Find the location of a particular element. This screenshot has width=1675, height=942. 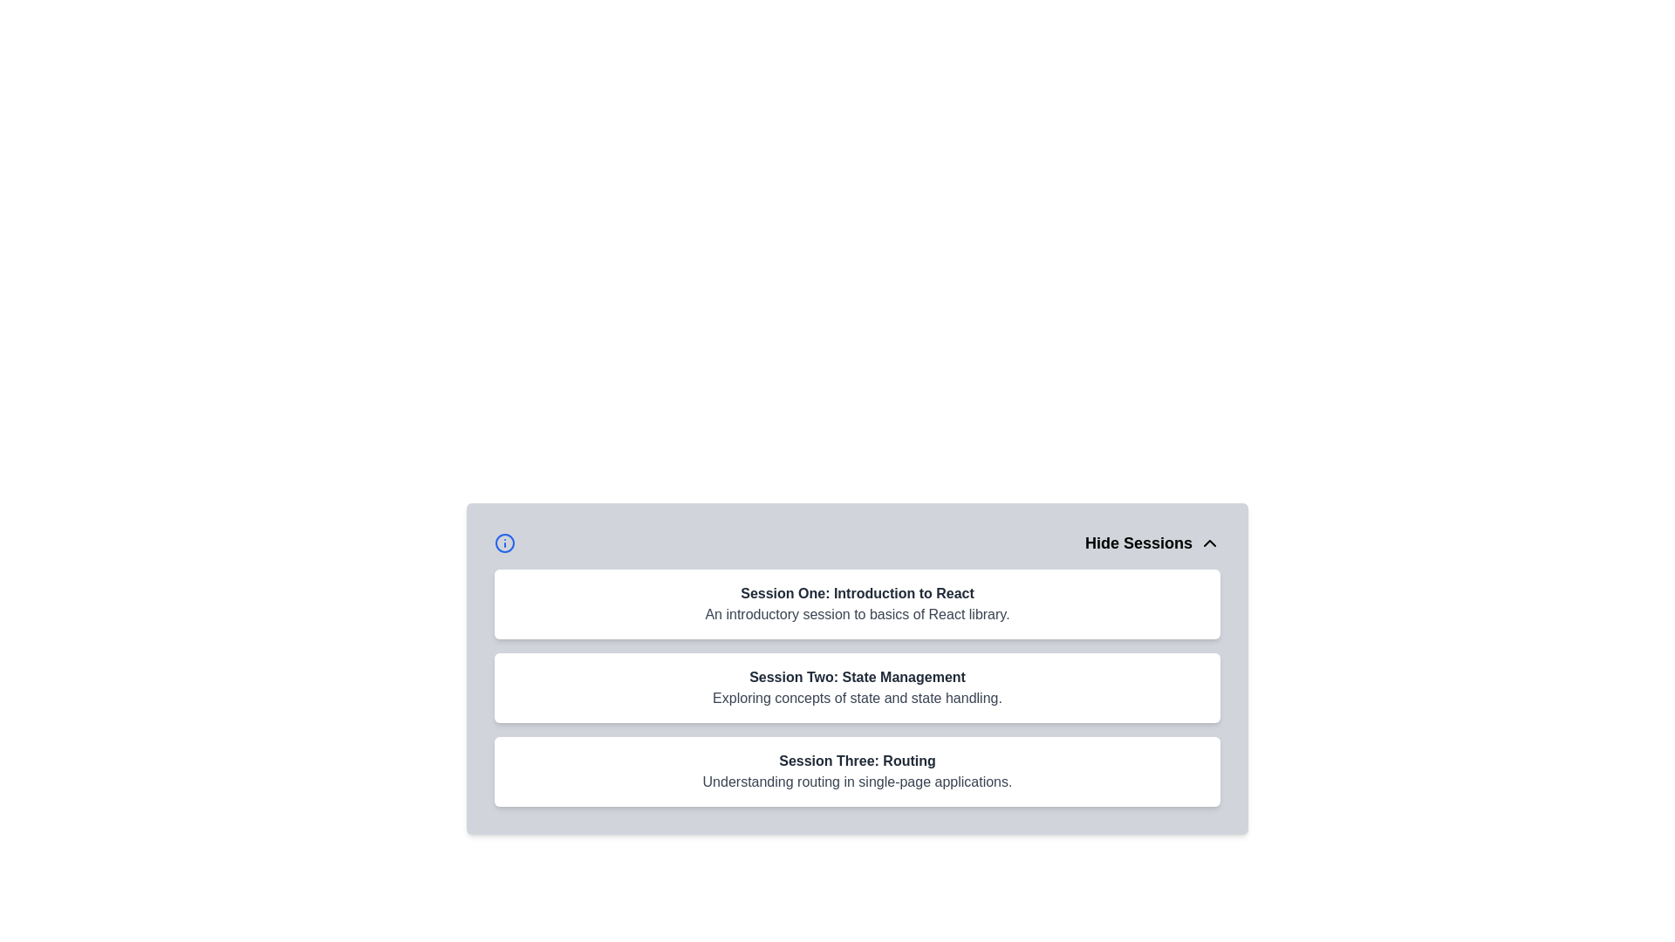

static text description located below the heading 'Session Two: State Management' in the center card layout is located at coordinates (858, 698).